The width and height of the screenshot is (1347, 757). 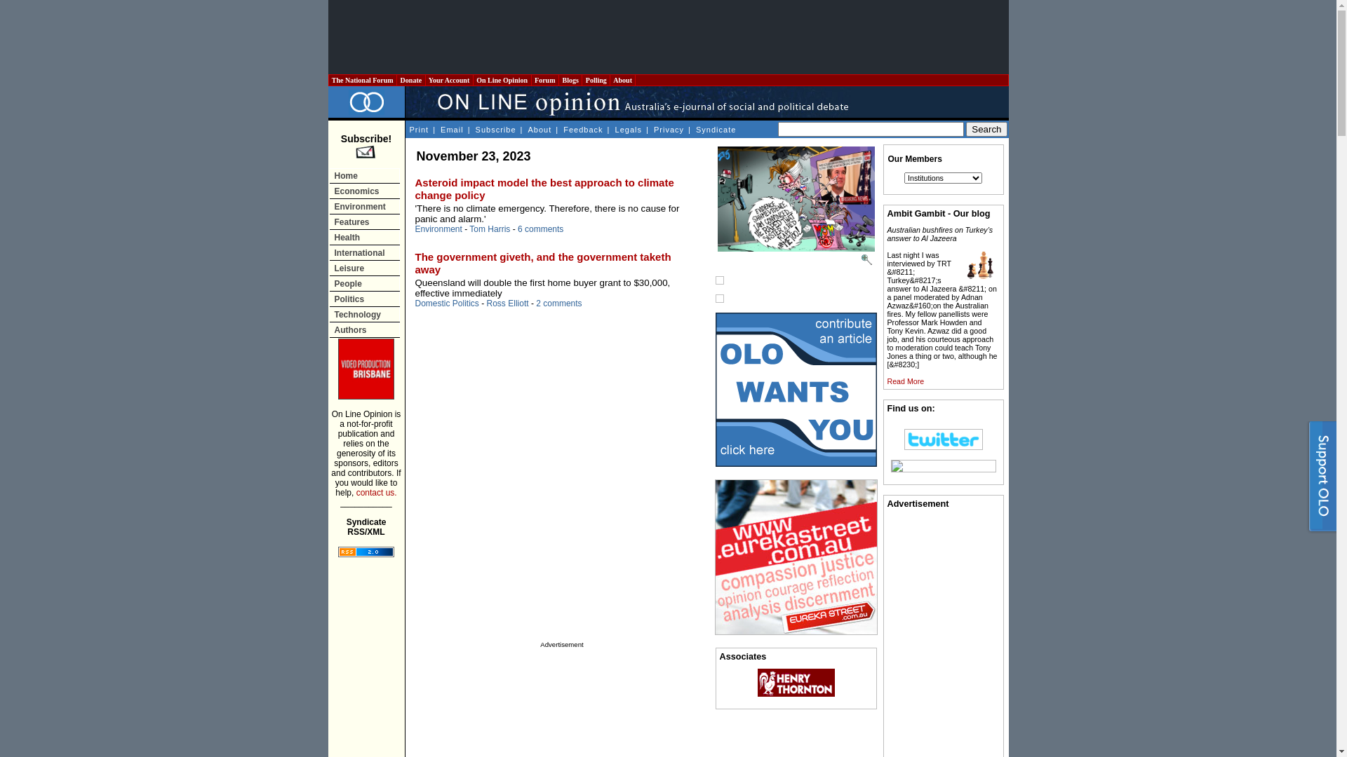 What do you see at coordinates (540, 229) in the screenshot?
I see `'6 comments'` at bounding box center [540, 229].